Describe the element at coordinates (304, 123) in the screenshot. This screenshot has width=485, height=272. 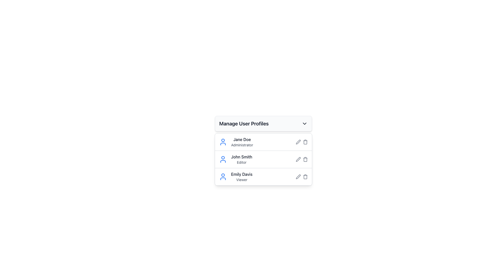
I see `the interactive chevron icon located at the rightmost part of the 'Manage User Profiles' section header` at that location.